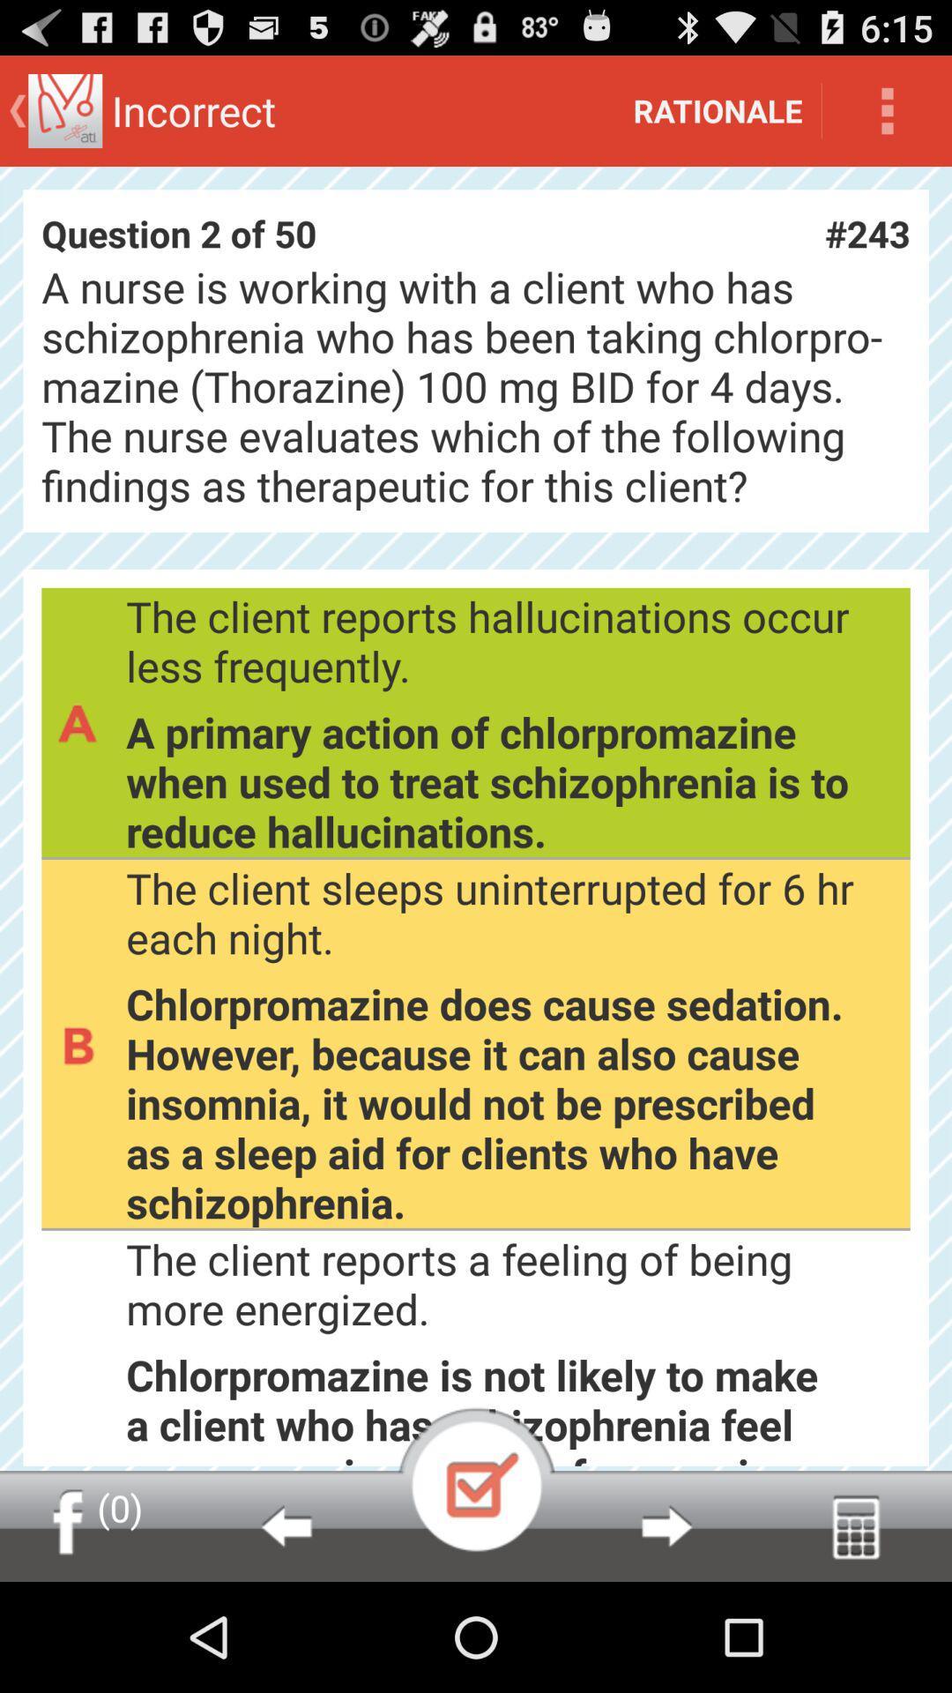 The image size is (952, 1693). Describe the element at coordinates (476, 1479) in the screenshot. I see `confirm answer` at that location.